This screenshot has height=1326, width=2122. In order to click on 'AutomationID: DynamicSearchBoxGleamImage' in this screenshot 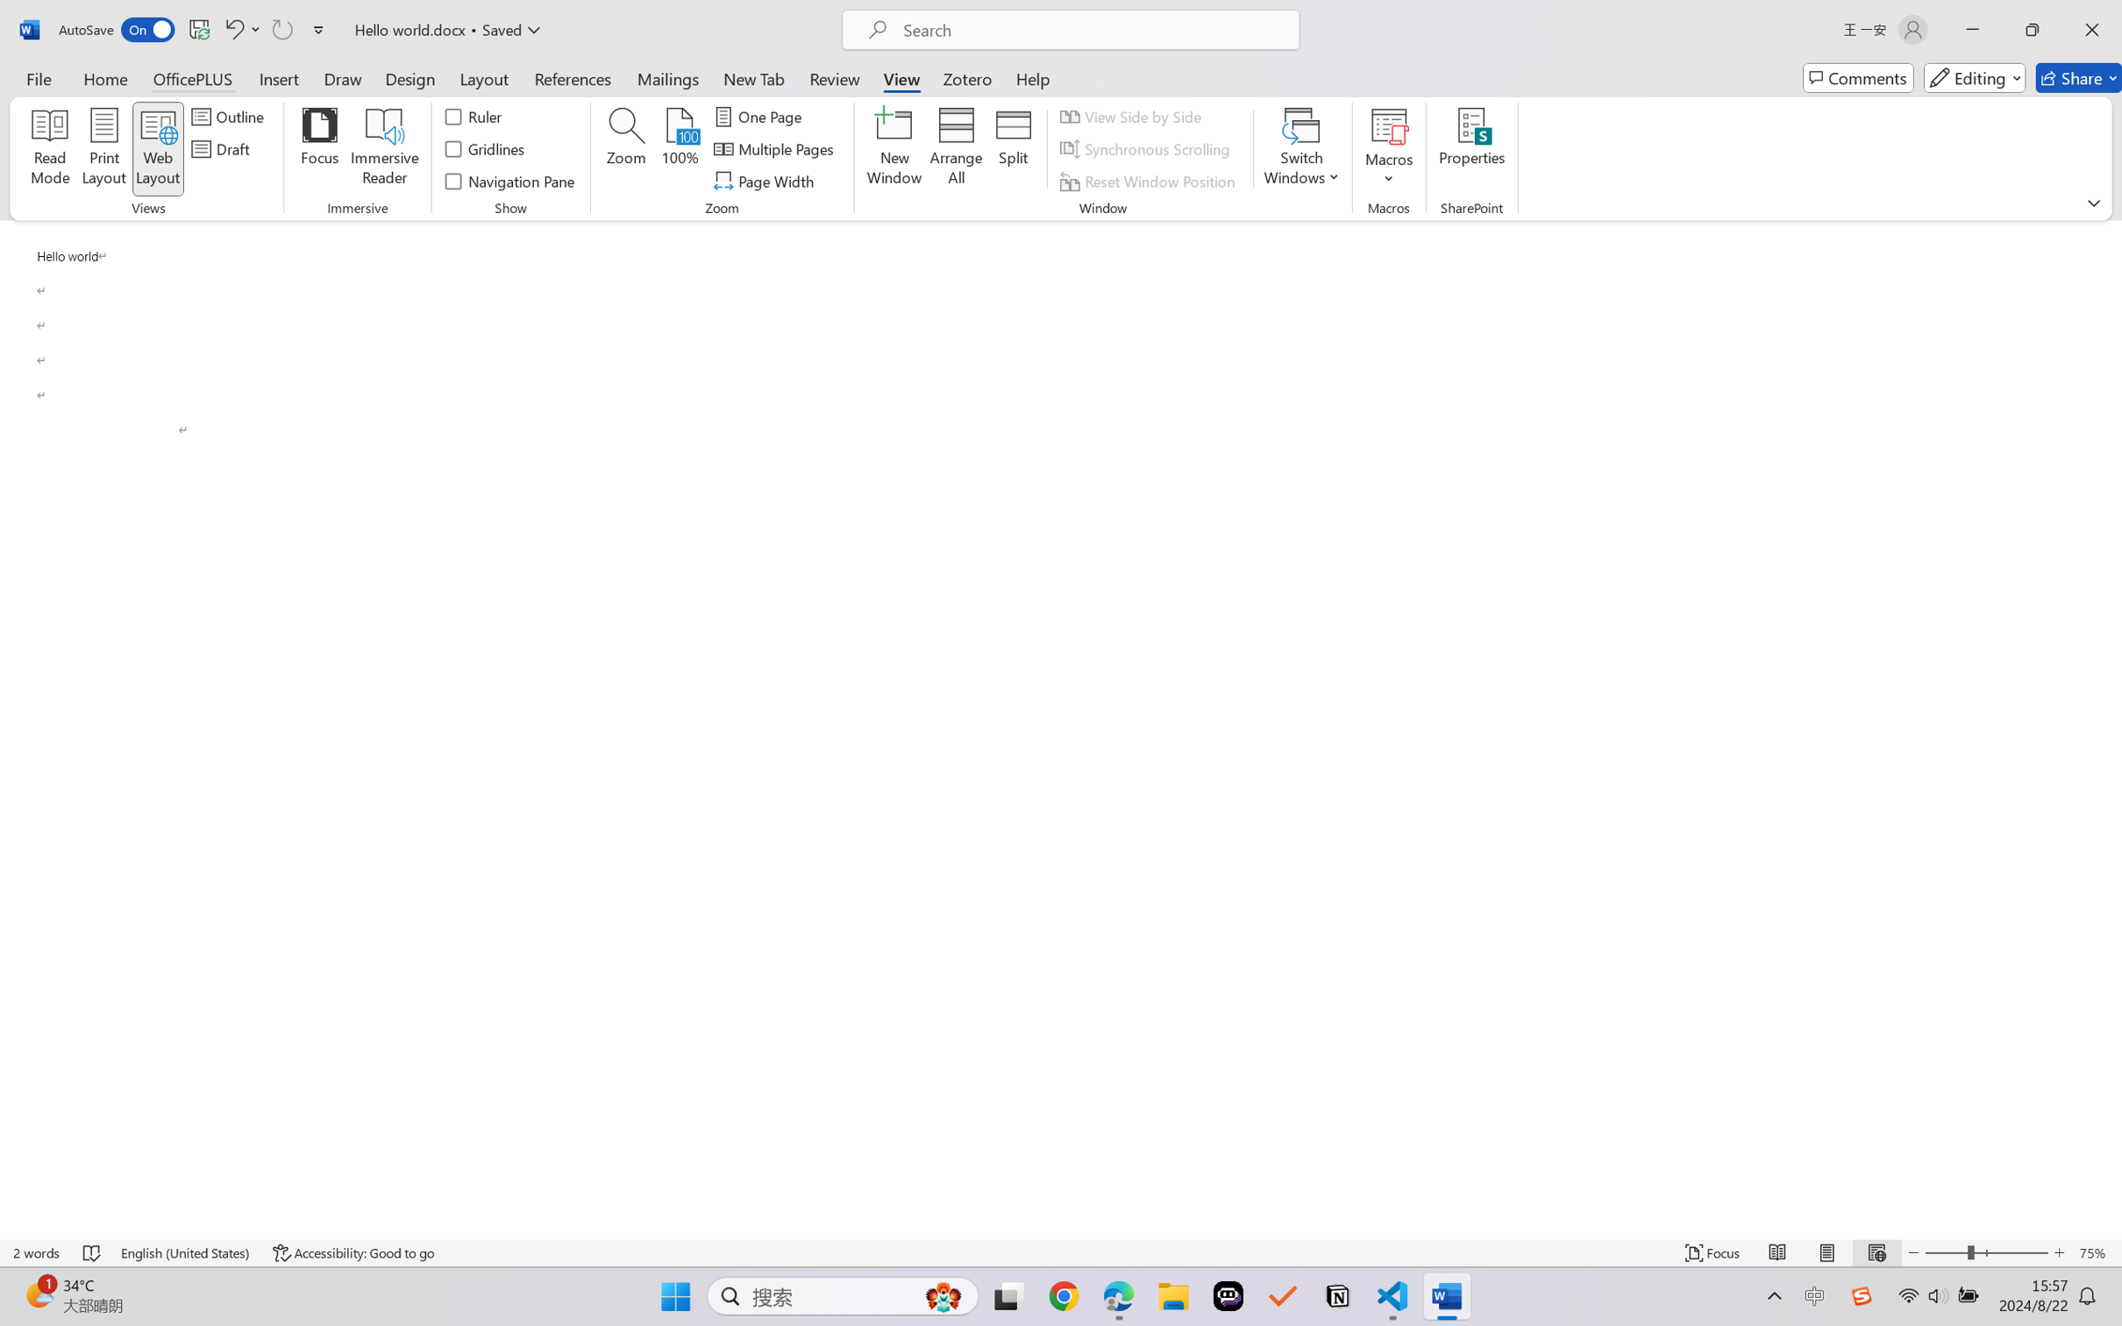, I will do `click(944, 1296)`.